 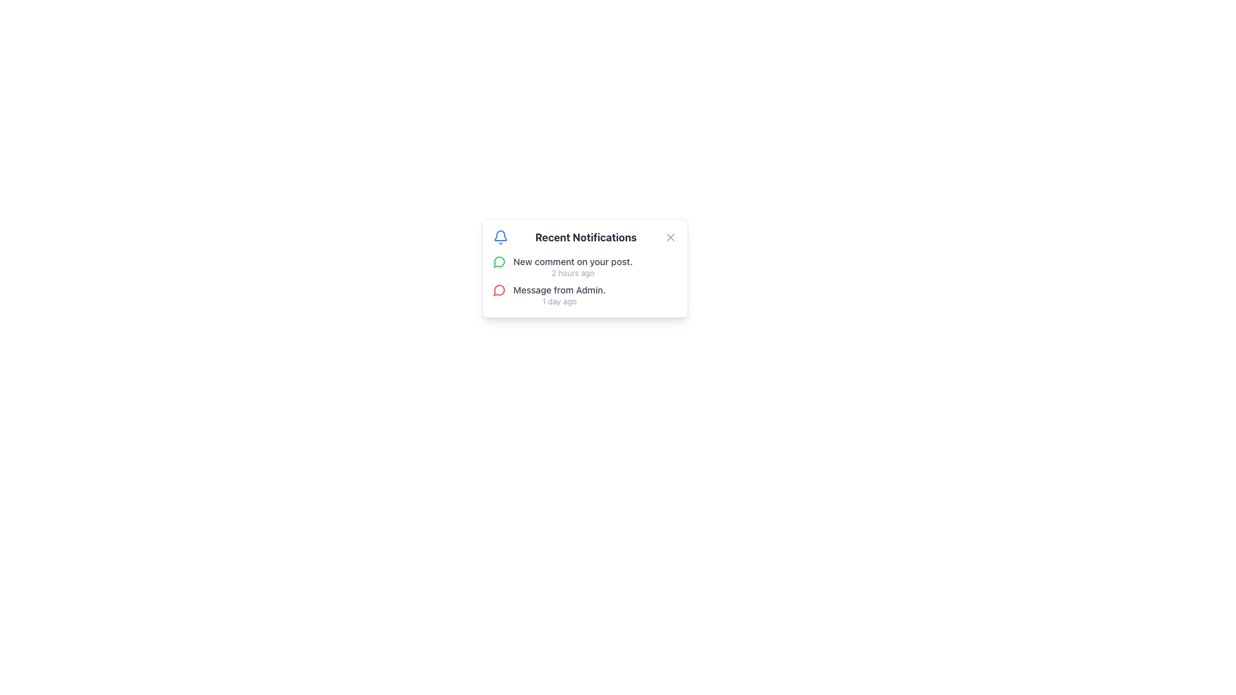 I want to click on the circular speech bubble-like icon with a green outline that indicates a new comment notification, so click(x=498, y=261).